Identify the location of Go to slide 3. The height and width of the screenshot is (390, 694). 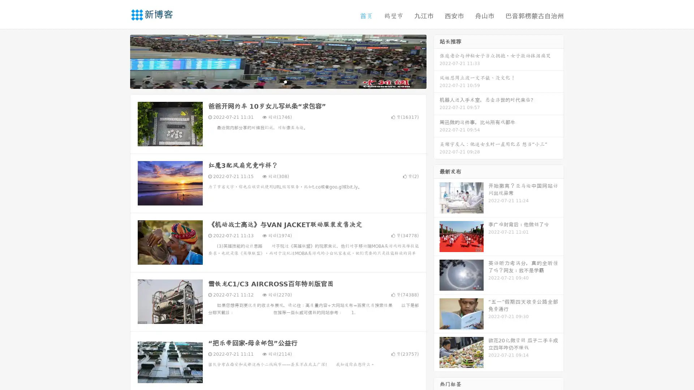
(285, 81).